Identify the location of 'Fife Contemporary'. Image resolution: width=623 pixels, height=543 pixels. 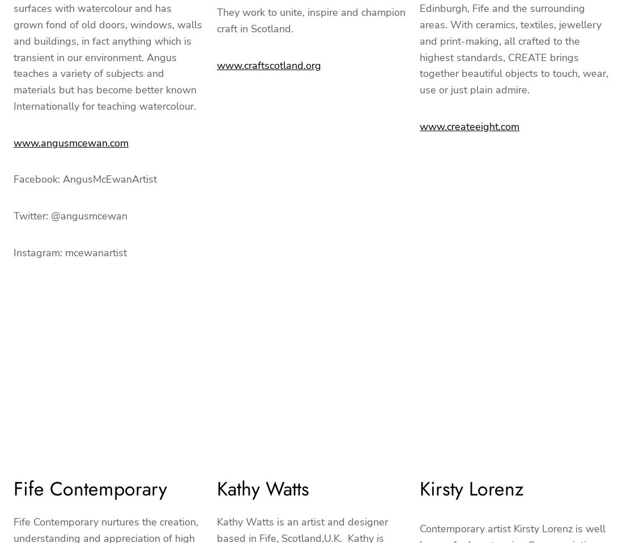
(89, 488).